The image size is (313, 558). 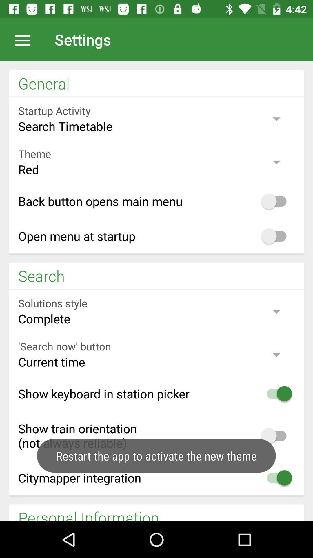 I want to click on the third option in the search, so click(x=156, y=394).